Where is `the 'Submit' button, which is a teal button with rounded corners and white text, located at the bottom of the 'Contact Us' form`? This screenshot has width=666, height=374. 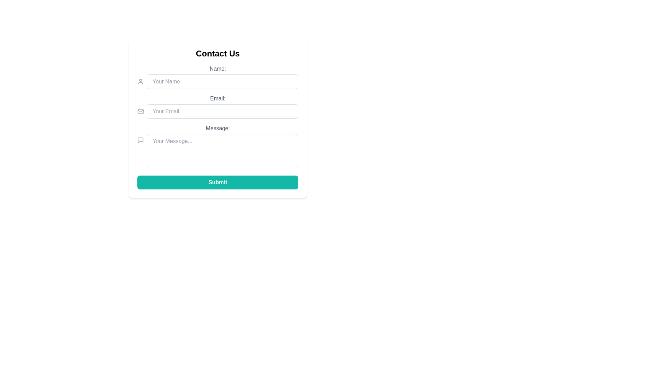
the 'Submit' button, which is a teal button with rounded corners and white text, located at the bottom of the 'Contact Us' form is located at coordinates (217, 182).